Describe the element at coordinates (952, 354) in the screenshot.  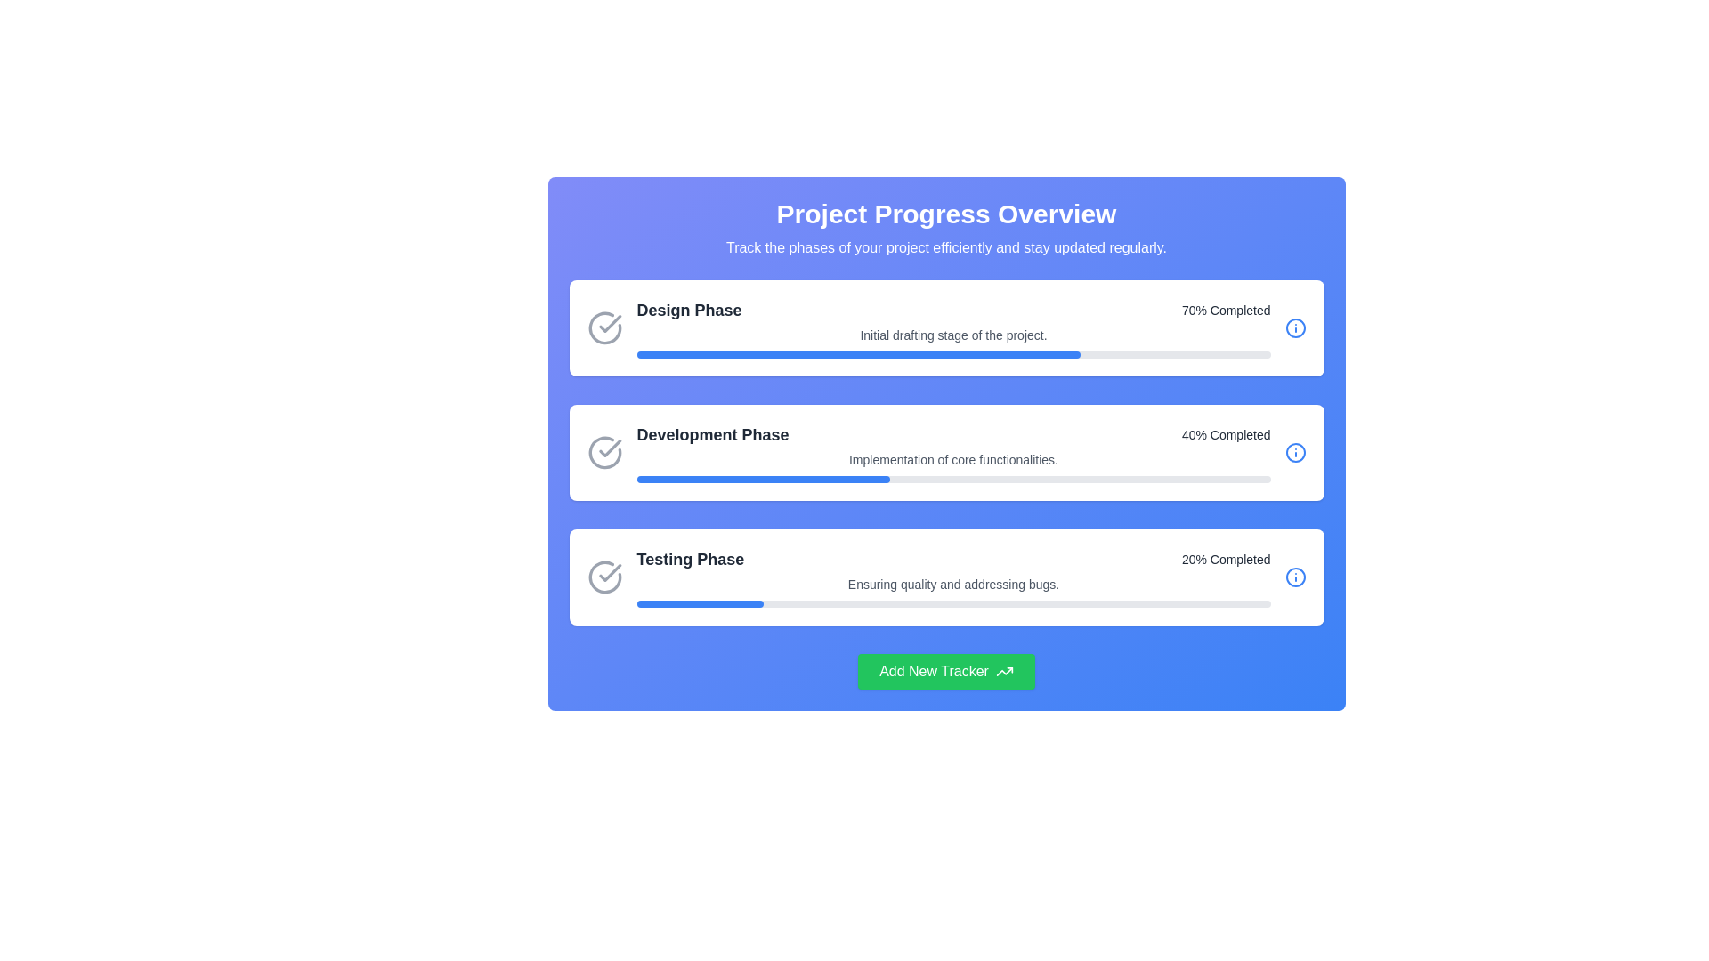
I see `the horizontal progress bar indicating 70% completion located in the 'Design Phase' section beneath the text 'Initial drafting stage of the project.'` at that location.